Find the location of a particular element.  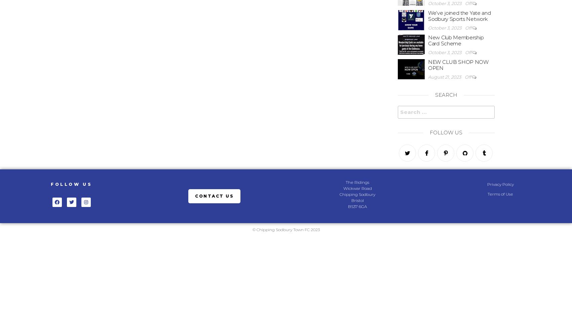

'The Ridings' is located at coordinates (357, 182).